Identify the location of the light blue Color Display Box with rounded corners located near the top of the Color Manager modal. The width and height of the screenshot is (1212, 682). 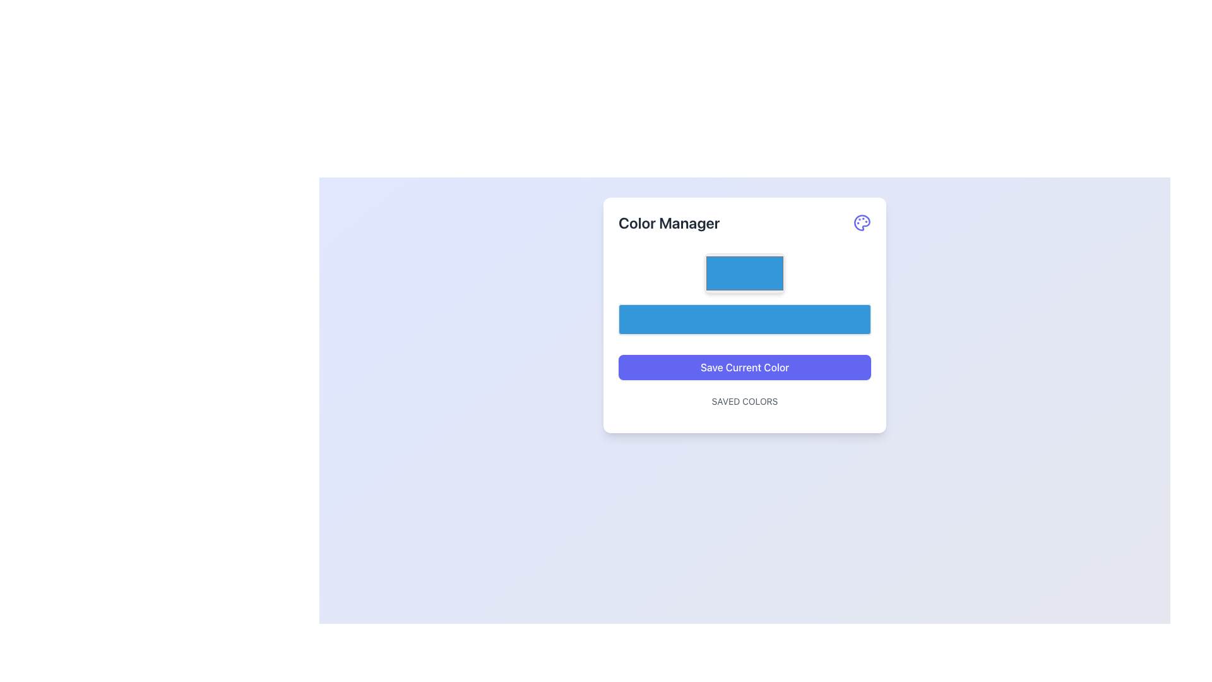
(745, 272).